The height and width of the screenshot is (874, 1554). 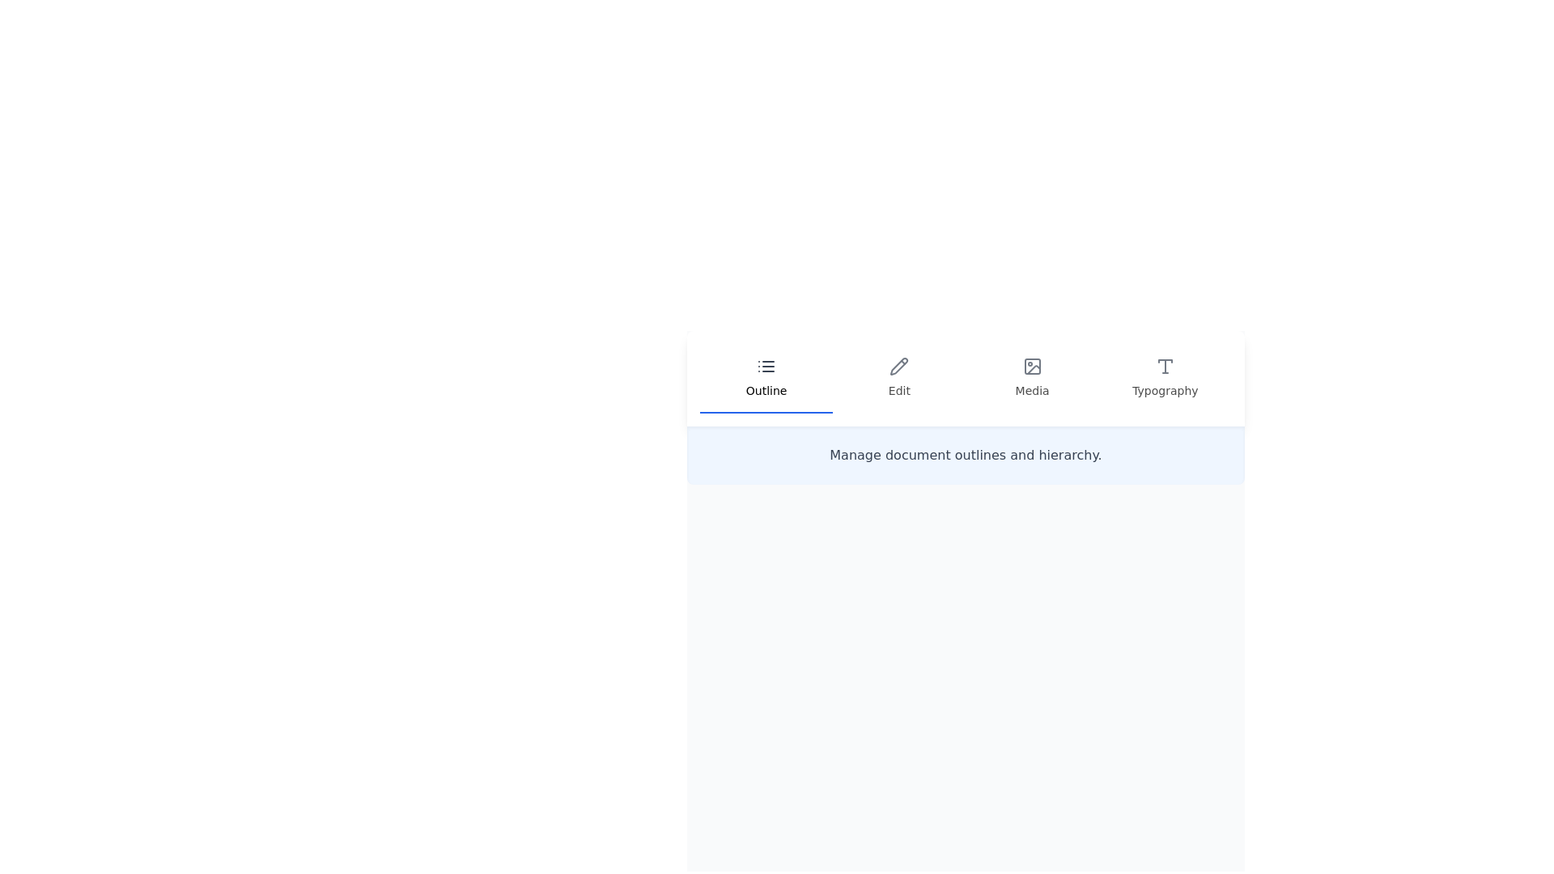 What do you see at coordinates (898, 378) in the screenshot?
I see `the Edit tab by clicking on its corresponding button` at bounding box center [898, 378].